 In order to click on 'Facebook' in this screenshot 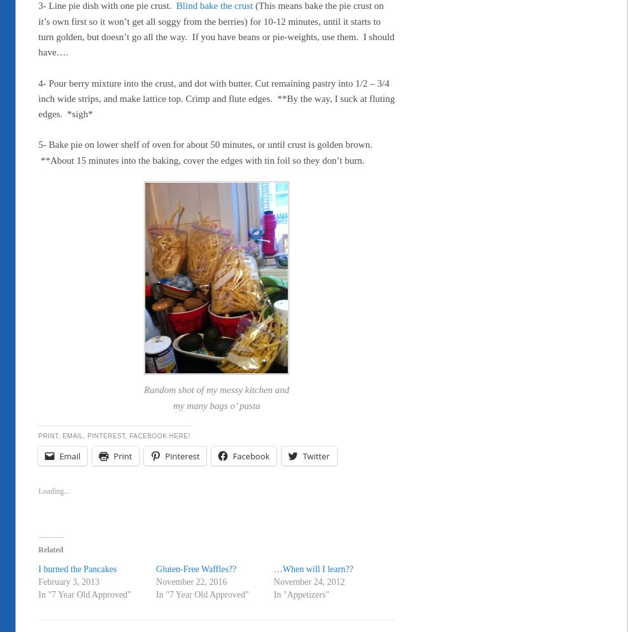, I will do `click(250, 456)`.